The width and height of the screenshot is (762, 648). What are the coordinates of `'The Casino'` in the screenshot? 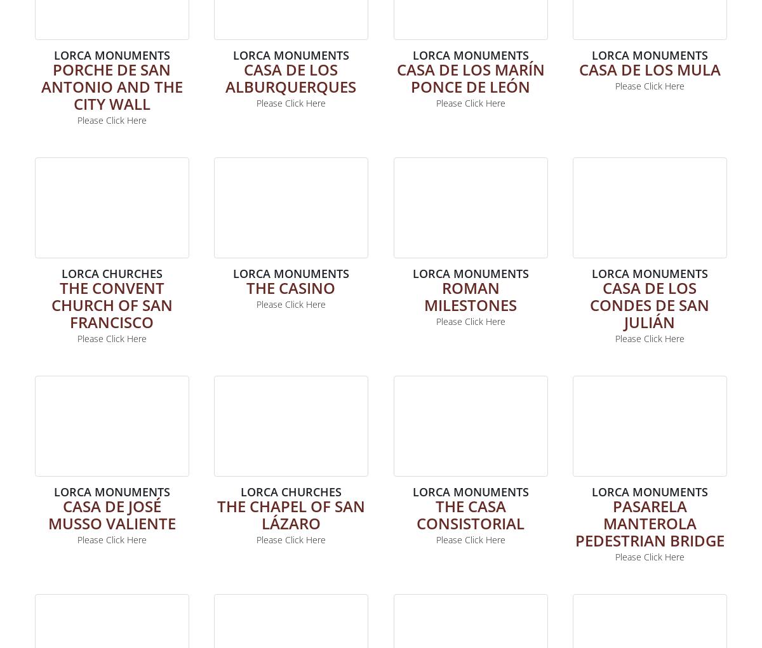 It's located at (246, 287).